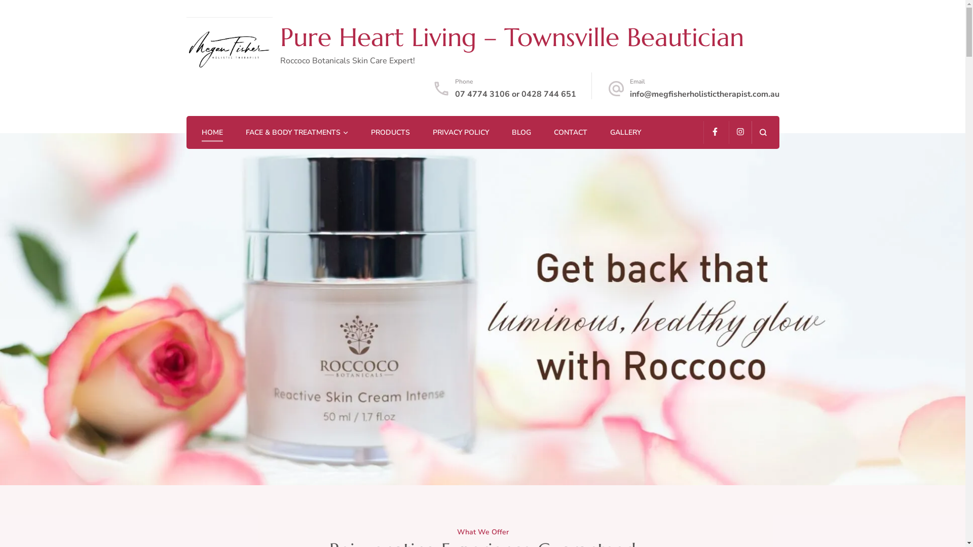 This screenshot has height=547, width=973. What do you see at coordinates (211, 132) in the screenshot?
I see `'HOME'` at bounding box center [211, 132].